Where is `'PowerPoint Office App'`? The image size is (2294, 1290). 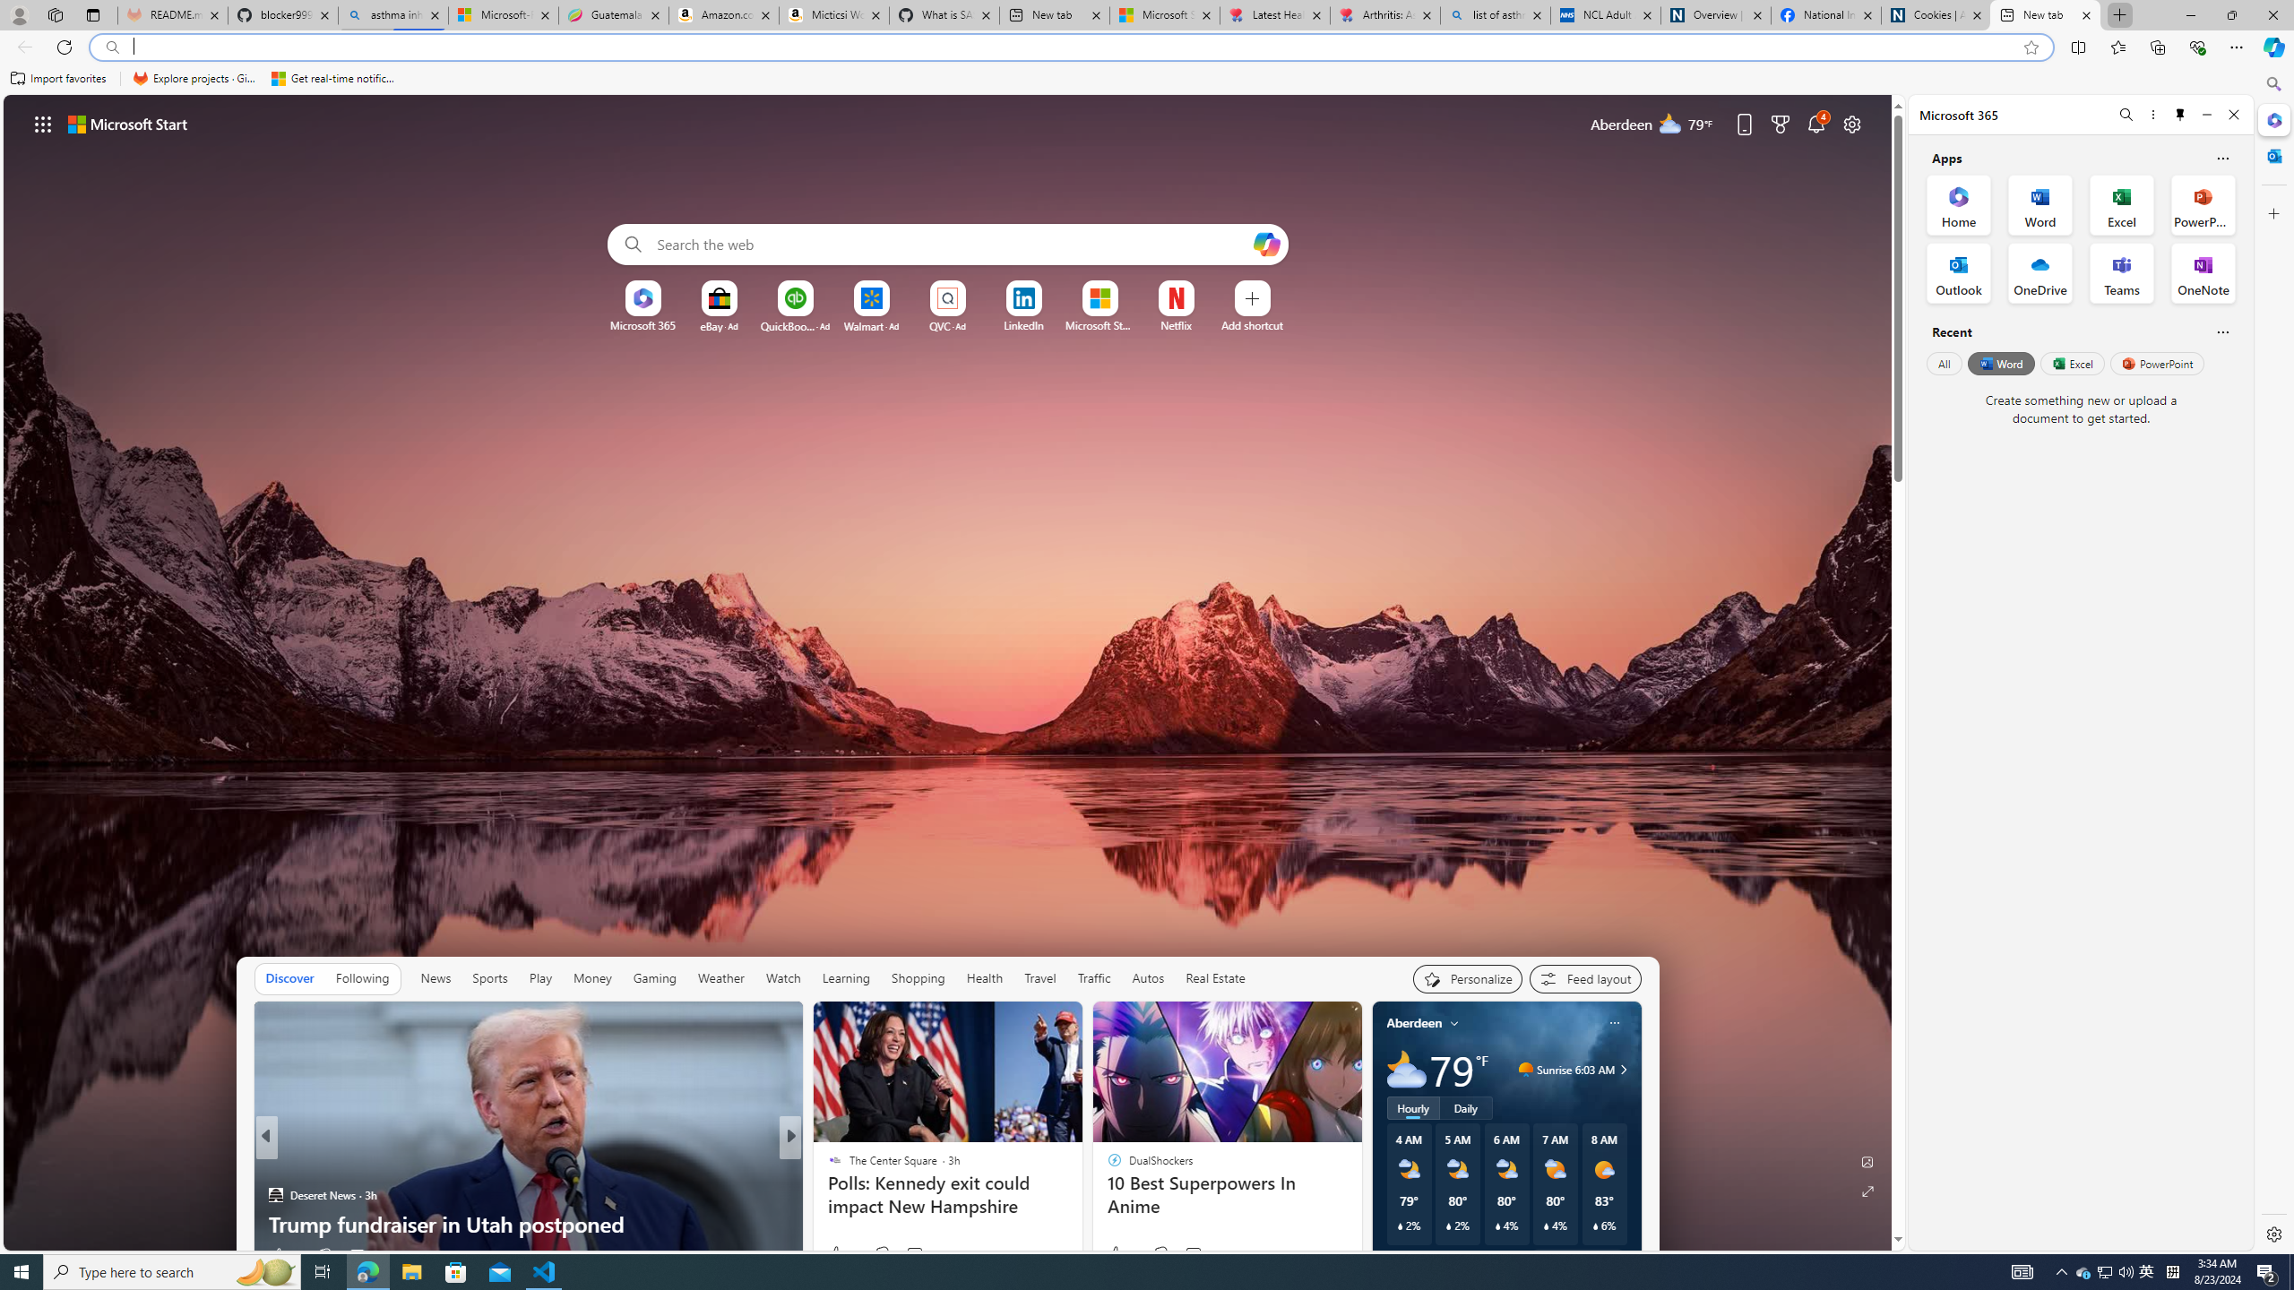 'PowerPoint Office App' is located at coordinates (2203, 203).